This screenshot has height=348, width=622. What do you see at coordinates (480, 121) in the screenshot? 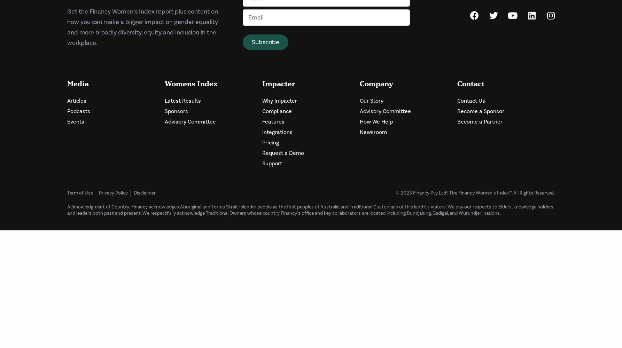
I see `'Become a Partner'` at bounding box center [480, 121].